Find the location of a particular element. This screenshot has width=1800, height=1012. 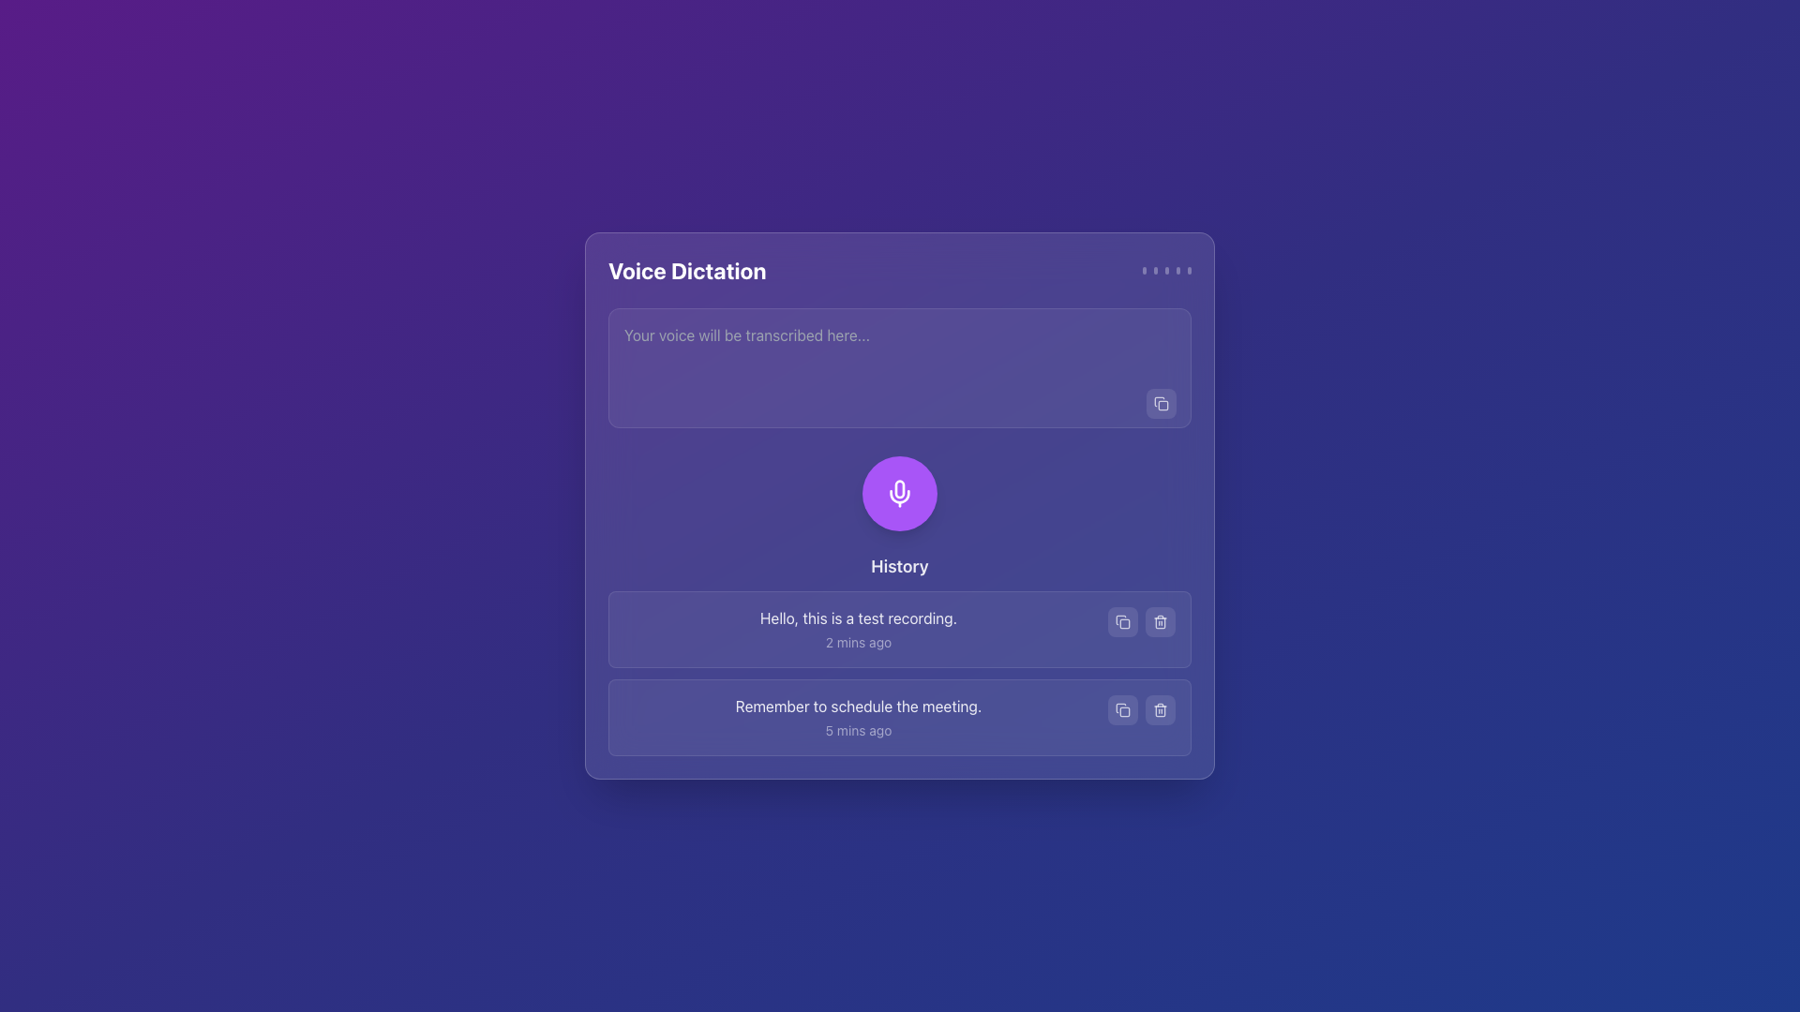

the button represented by two overlapping square icons with a subtle drop-shadow effect, styled in white with 70% opacity, located at the bottom-right corner of the input field with placeholder text 'Your voice will be transcribed here...' is located at coordinates (1160, 403).